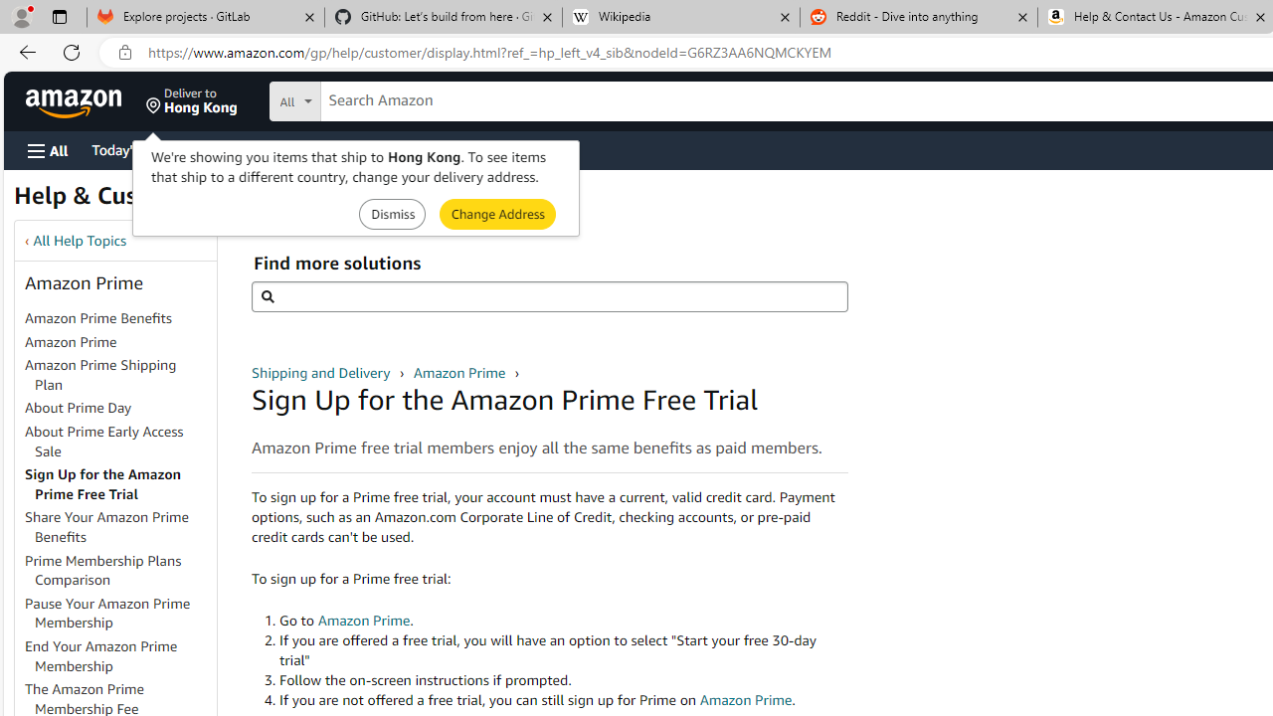  Describe the element at coordinates (192, 100) in the screenshot. I see `'Deliver to Hong Kong'` at that location.